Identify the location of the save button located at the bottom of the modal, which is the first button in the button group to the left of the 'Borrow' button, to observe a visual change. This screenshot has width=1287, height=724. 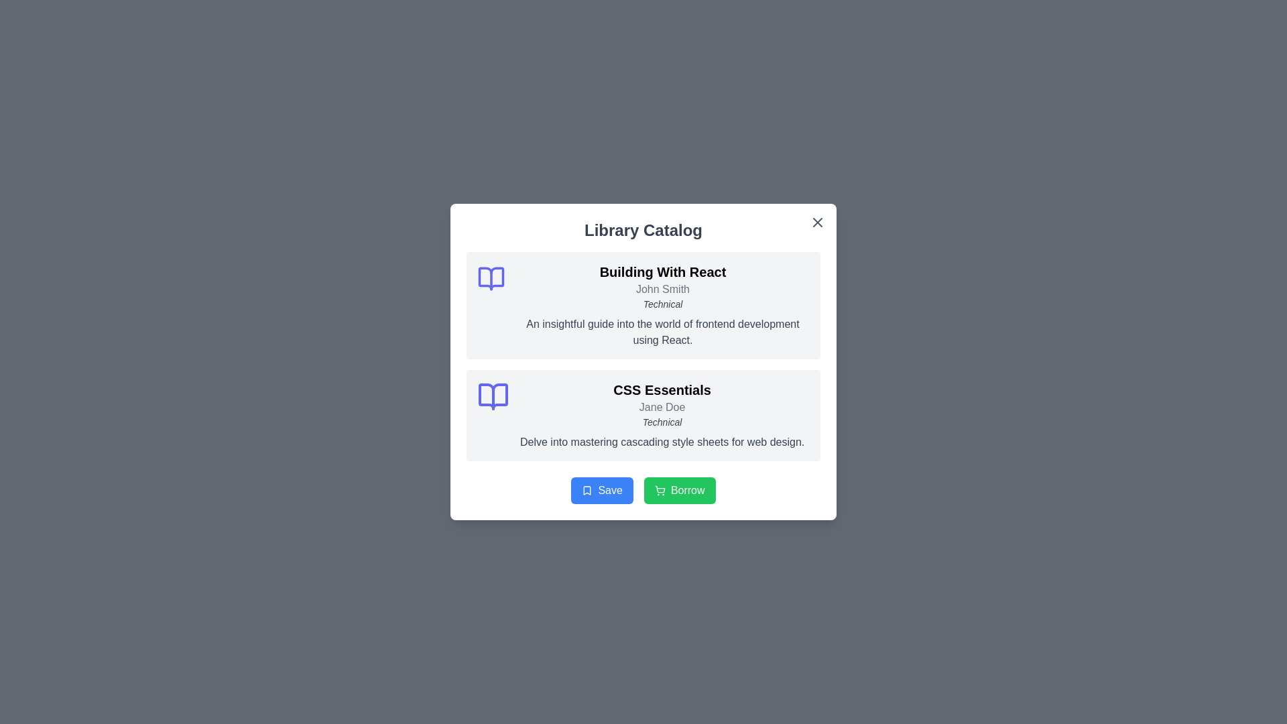
(601, 491).